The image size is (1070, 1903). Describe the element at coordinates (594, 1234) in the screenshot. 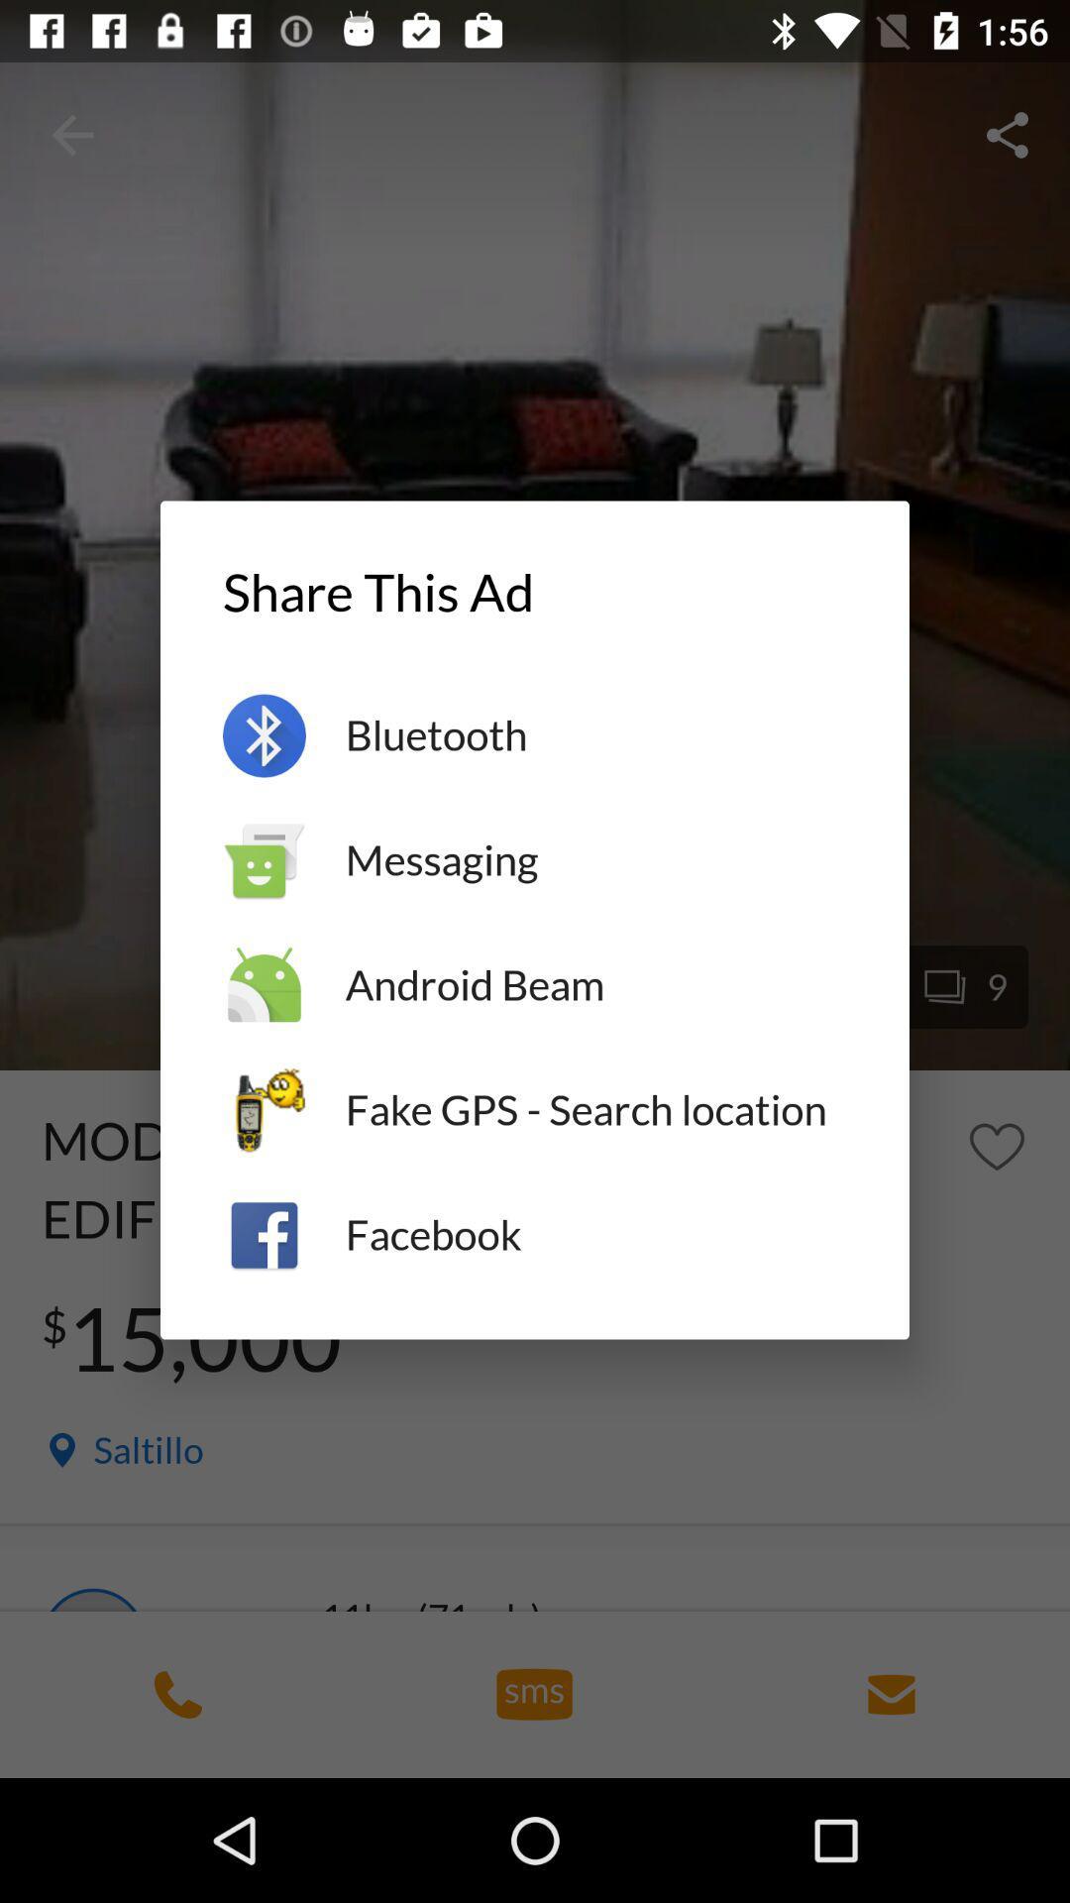

I see `the facebook` at that location.